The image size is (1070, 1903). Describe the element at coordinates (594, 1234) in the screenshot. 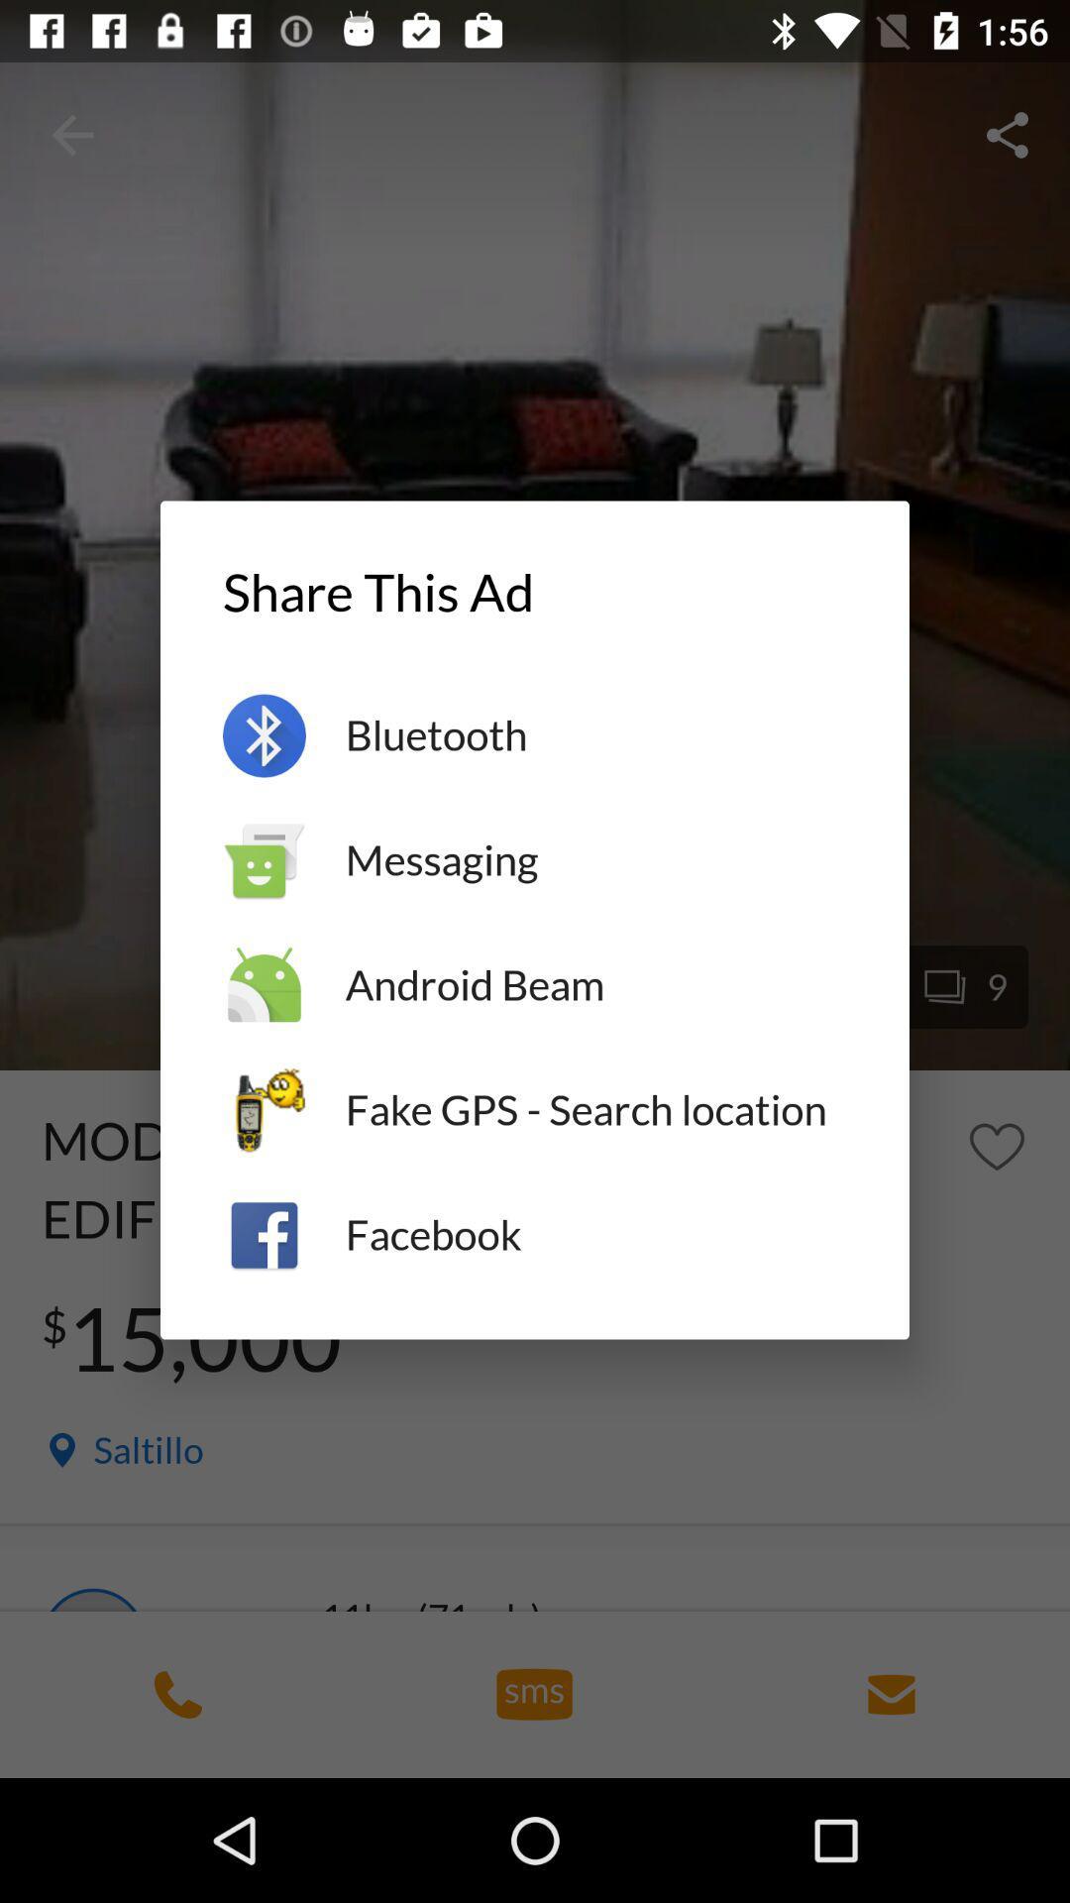

I see `the facebook` at that location.